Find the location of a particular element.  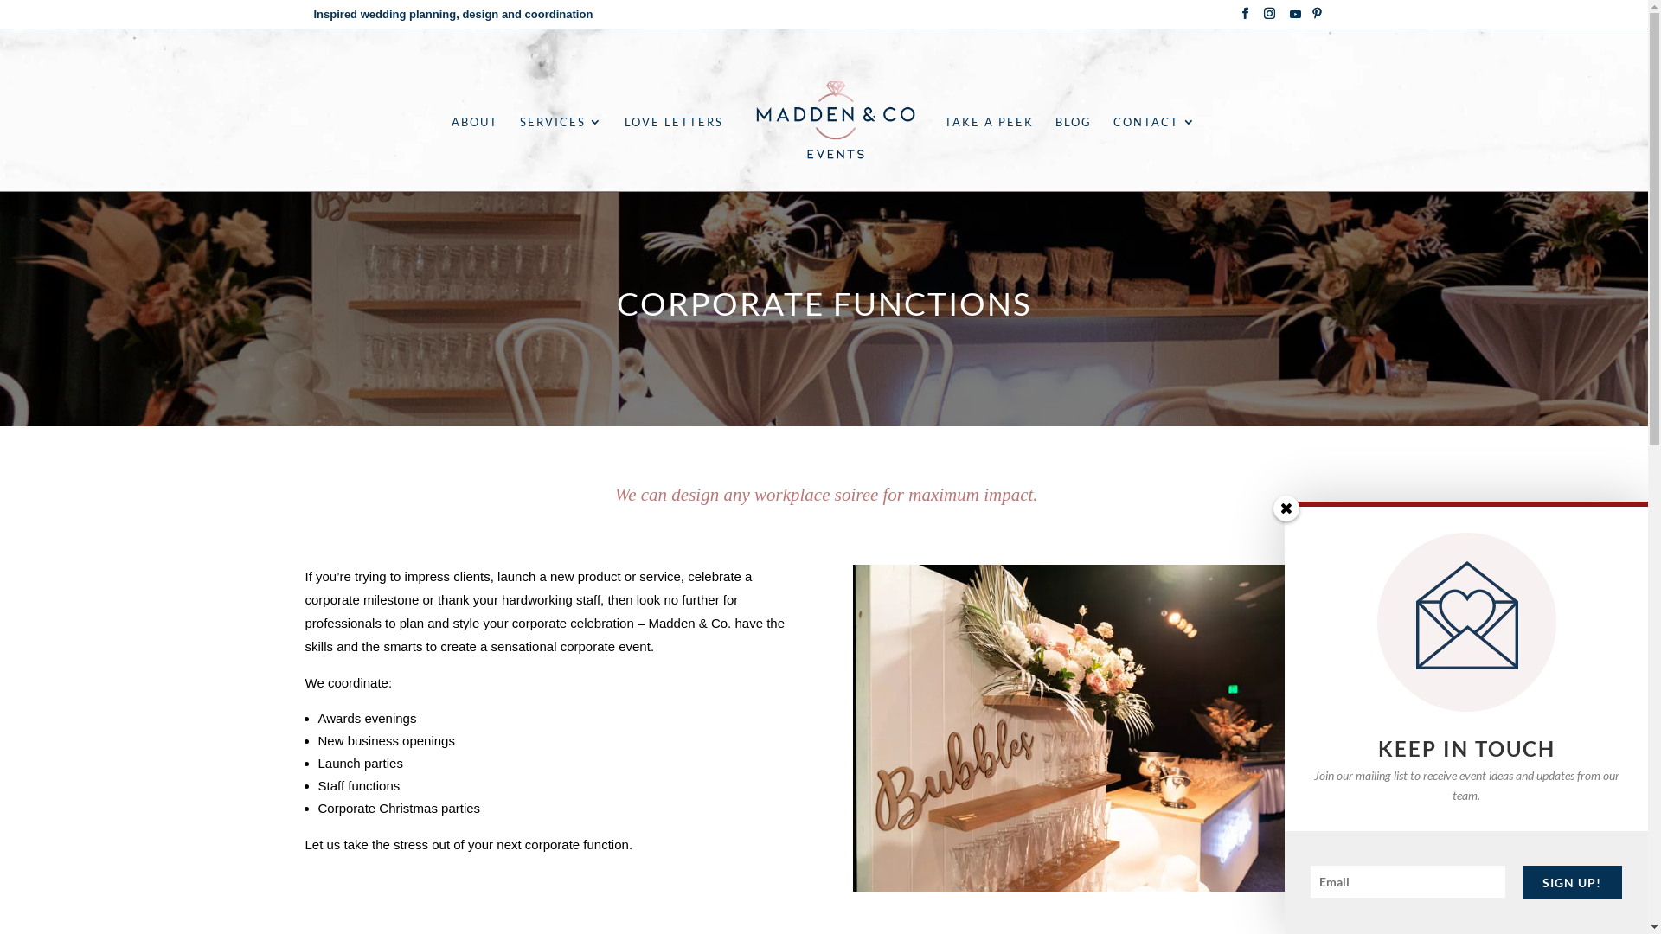

'SERVICES' is located at coordinates (561, 152).